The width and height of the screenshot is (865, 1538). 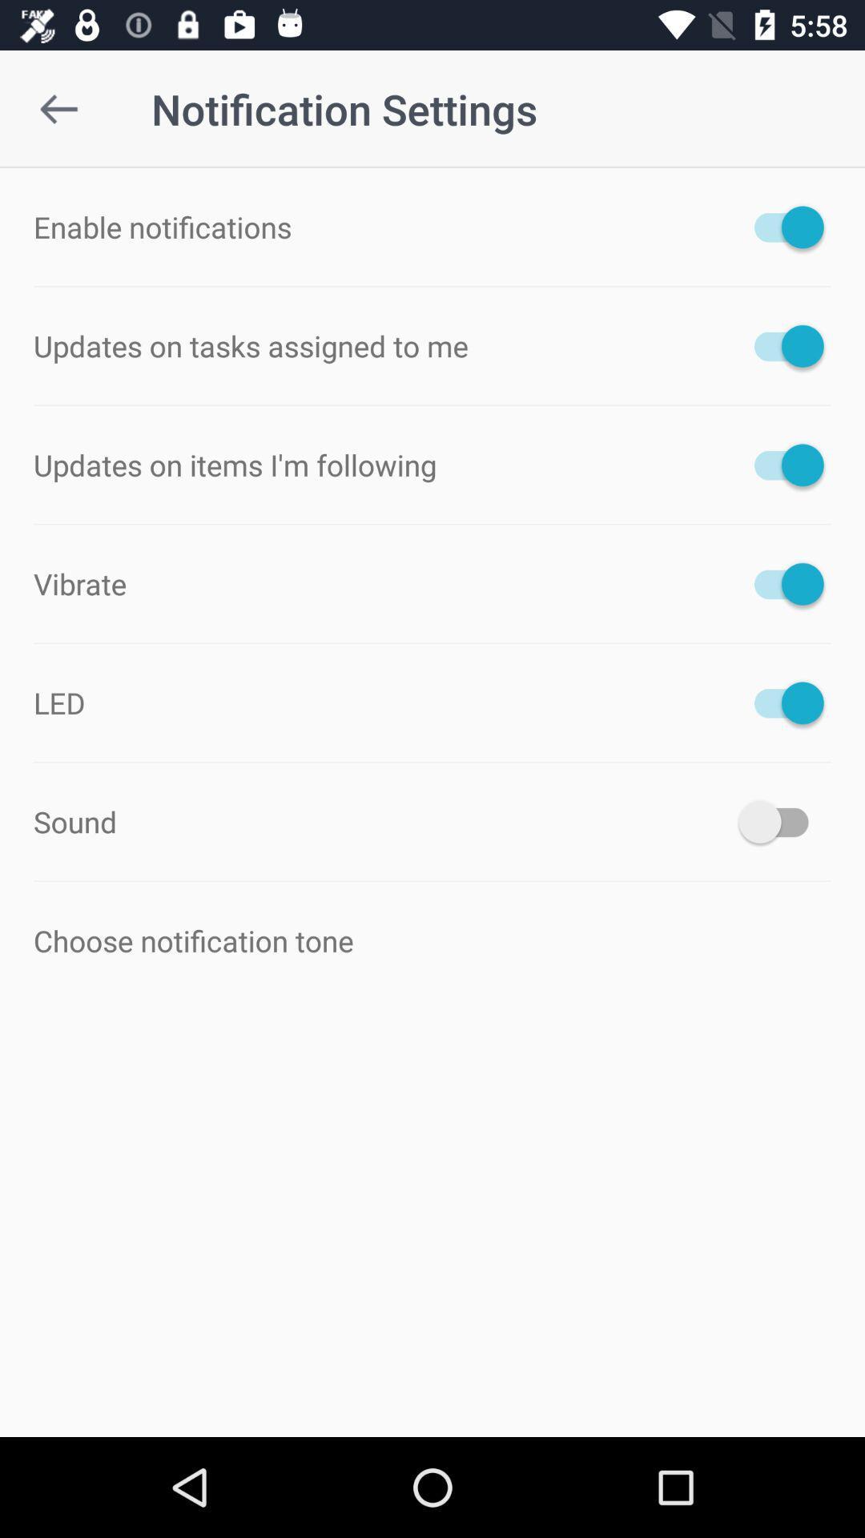 I want to click on notification on off option, so click(x=780, y=464).